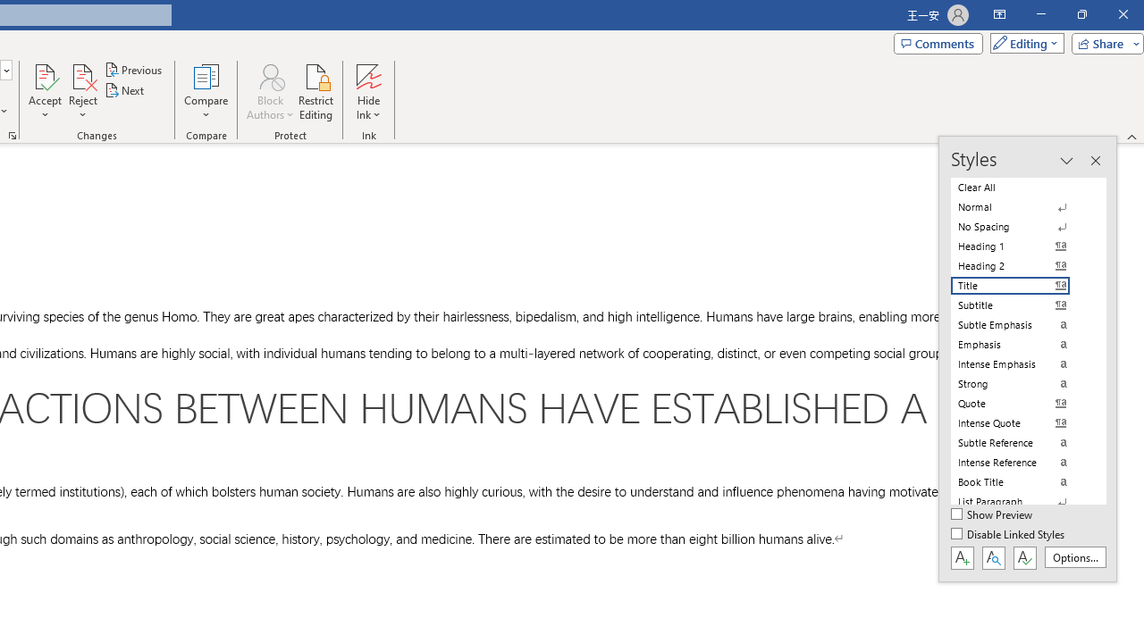  What do you see at coordinates (1021, 226) in the screenshot?
I see `'No Spacing'` at bounding box center [1021, 226].